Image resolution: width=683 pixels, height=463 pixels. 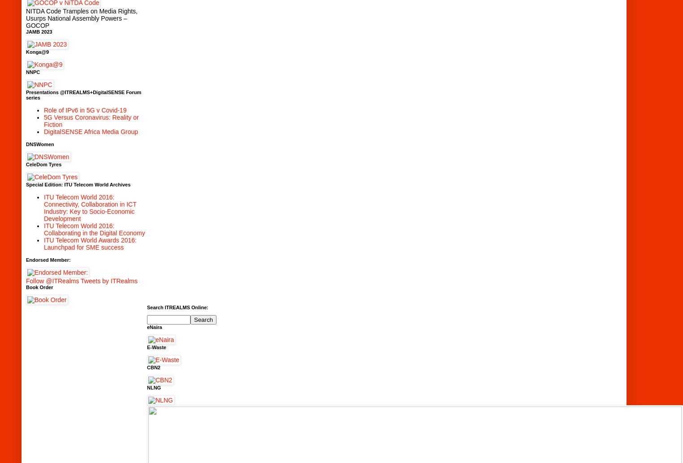 What do you see at coordinates (43, 109) in the screenshot?
I see `'Role of IPv6 in 5G v Covid-19'` at bounding box center [43, 109].